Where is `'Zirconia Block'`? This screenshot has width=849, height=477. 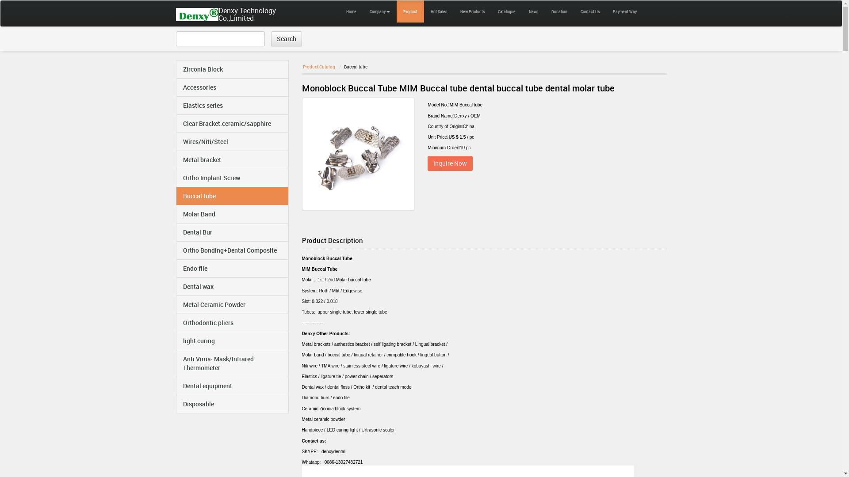
'Zirconia Block' is located at coordinates (232, 69).